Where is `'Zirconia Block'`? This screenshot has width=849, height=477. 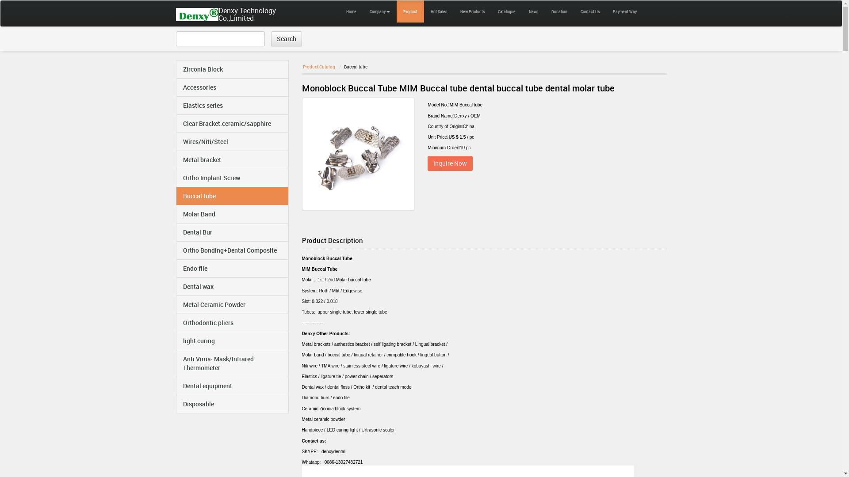
'Zirconia Block' is located at coordinates (232, 69).